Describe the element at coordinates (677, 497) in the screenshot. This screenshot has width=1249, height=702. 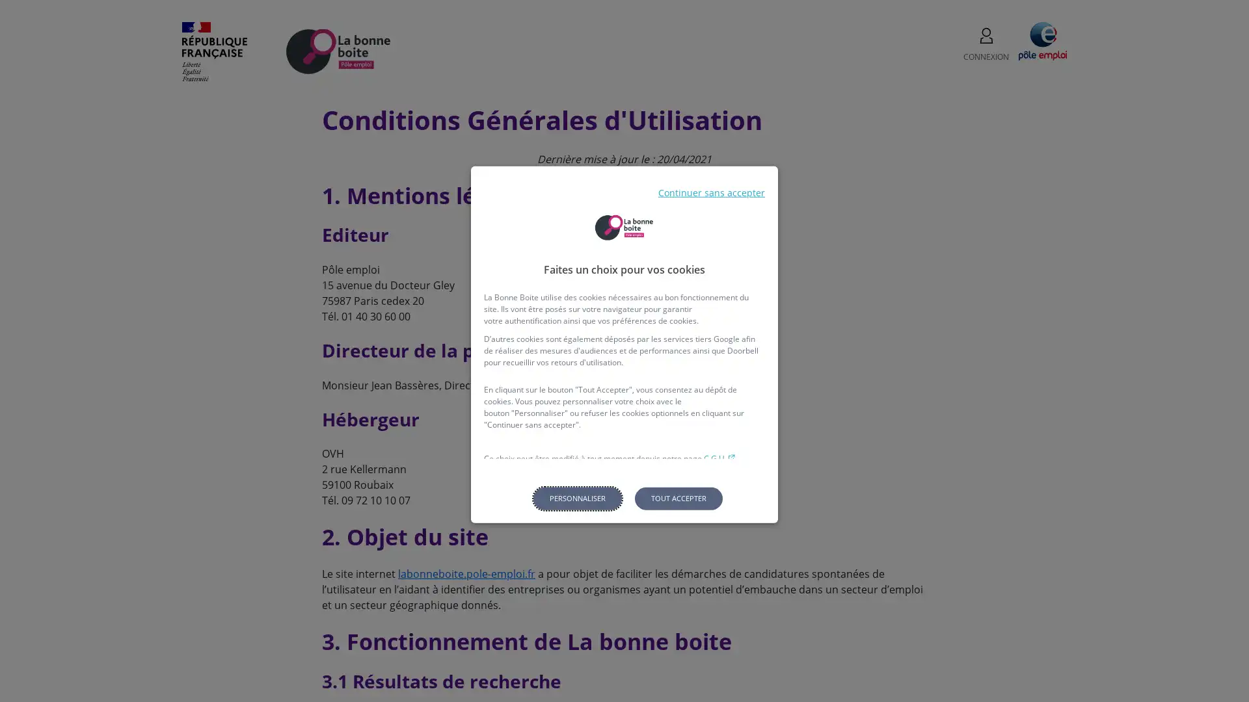
I see `Tout accepter` at that location.